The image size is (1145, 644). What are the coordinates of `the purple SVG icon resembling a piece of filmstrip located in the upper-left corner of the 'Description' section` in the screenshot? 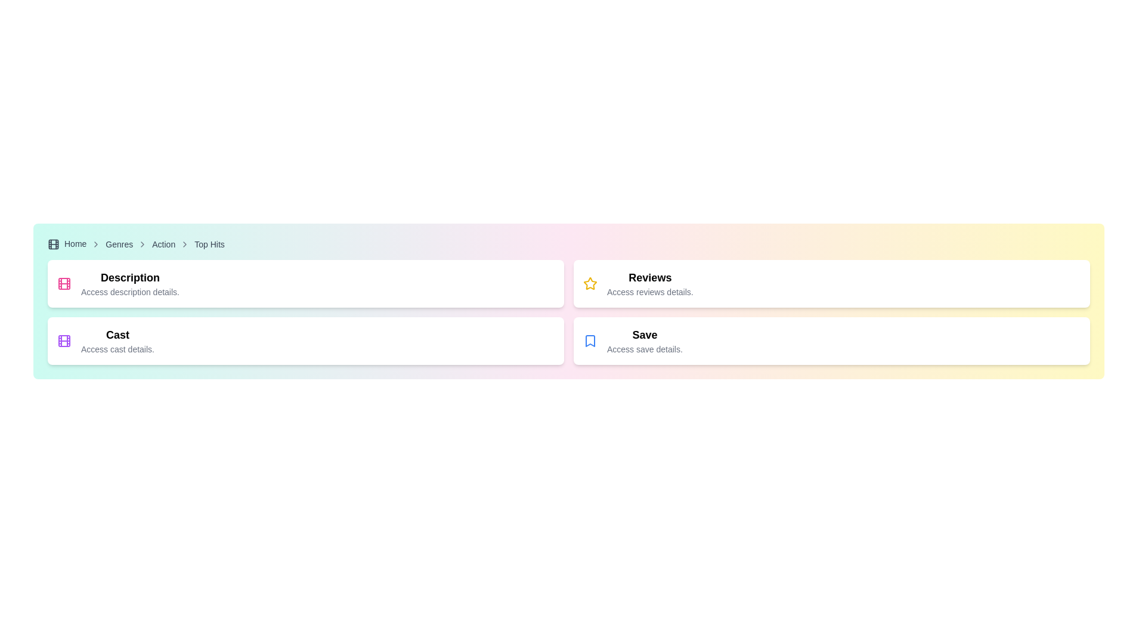 It's located at (64, 340).